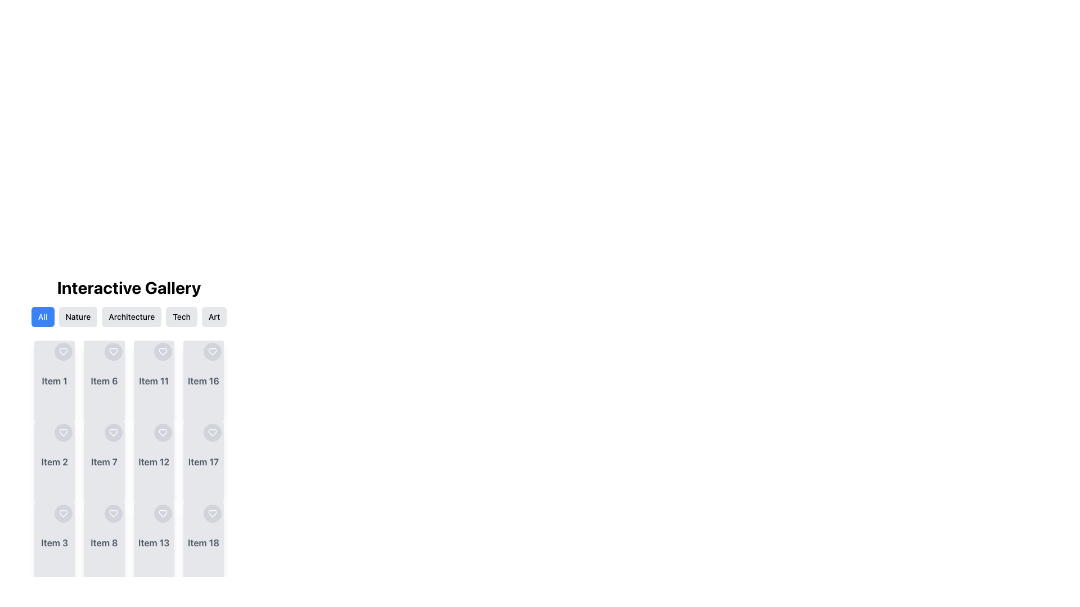 This screenshot has height=607, width=1080. I want to click on the magnifying glass icon with a plus symbol inside, located within the 'View Details' button, so click(37, 542).